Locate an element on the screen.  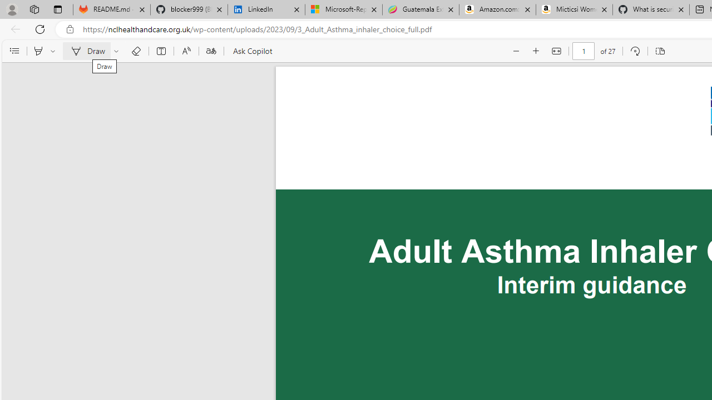
'Select a highlight color' is located at coordinates (54, 51).